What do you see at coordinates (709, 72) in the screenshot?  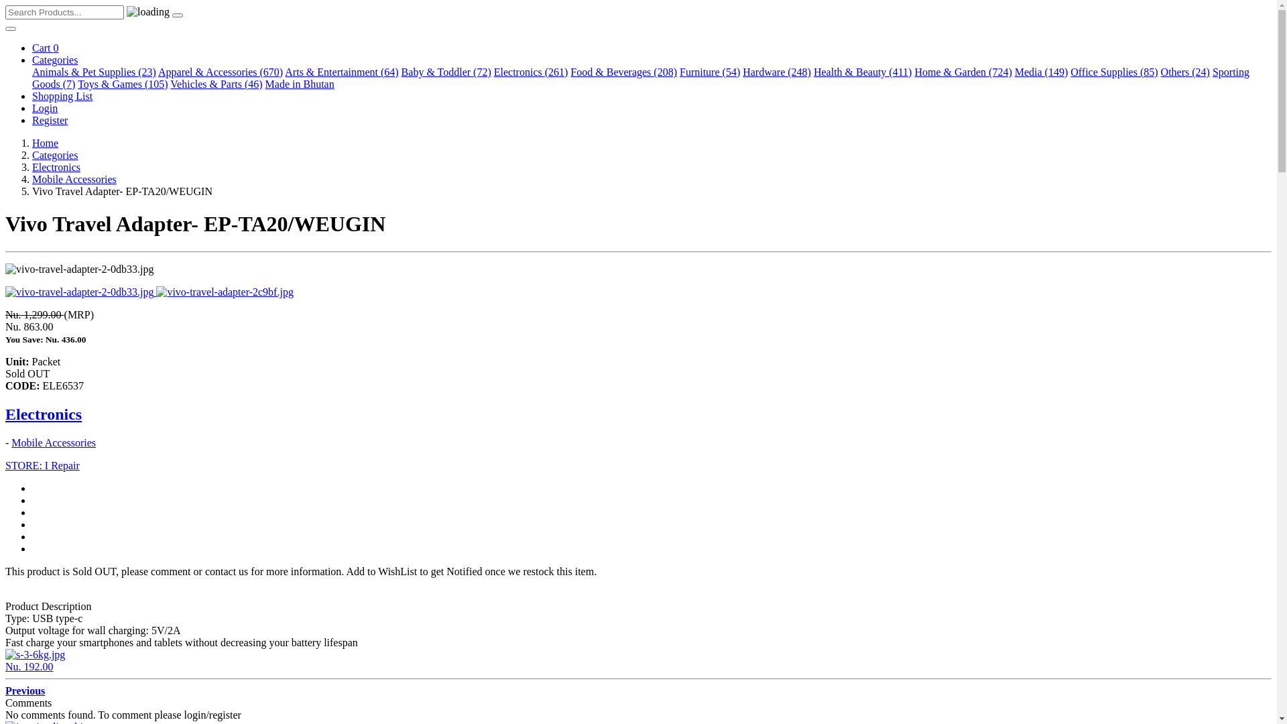 I see `'Furniture (54)'` at bounding box center [709, 72].